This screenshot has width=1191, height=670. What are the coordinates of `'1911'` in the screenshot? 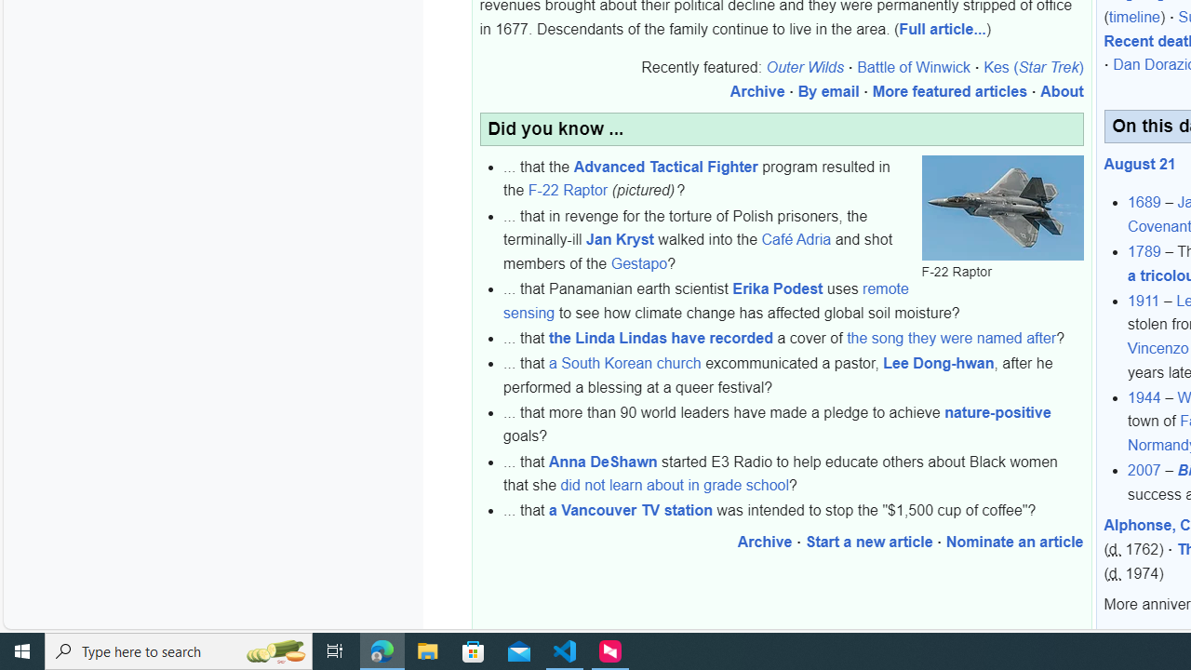 It's located at (1143, 299).